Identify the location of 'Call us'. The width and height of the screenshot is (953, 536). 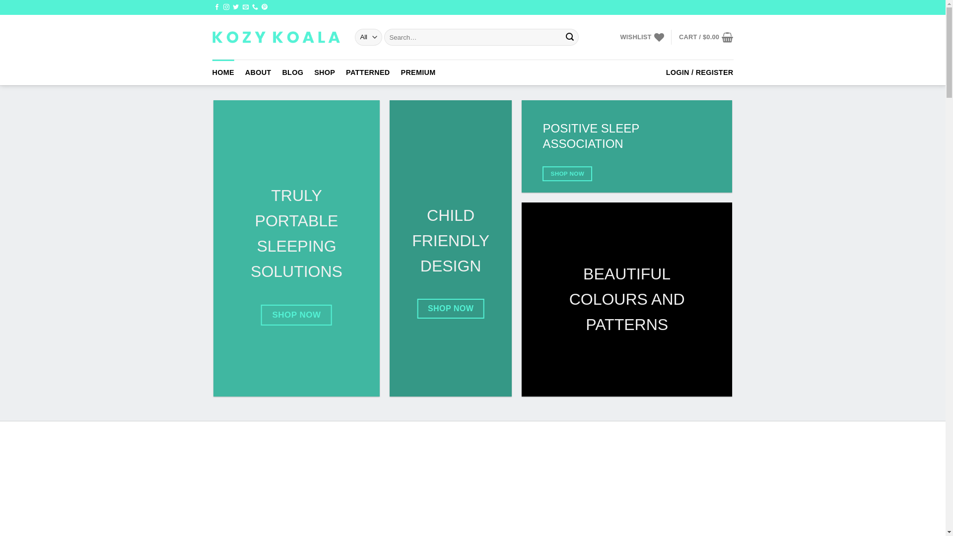
(255, 7).